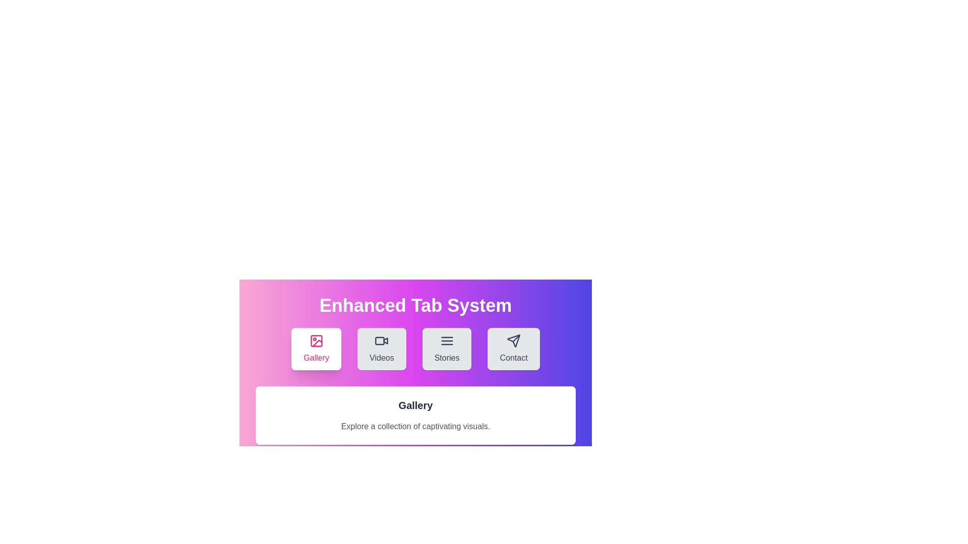 Image resolution: width=968 pixels, height=544 pixels. I want to click on the Stories tab by clicking its button, so click(446, 349).